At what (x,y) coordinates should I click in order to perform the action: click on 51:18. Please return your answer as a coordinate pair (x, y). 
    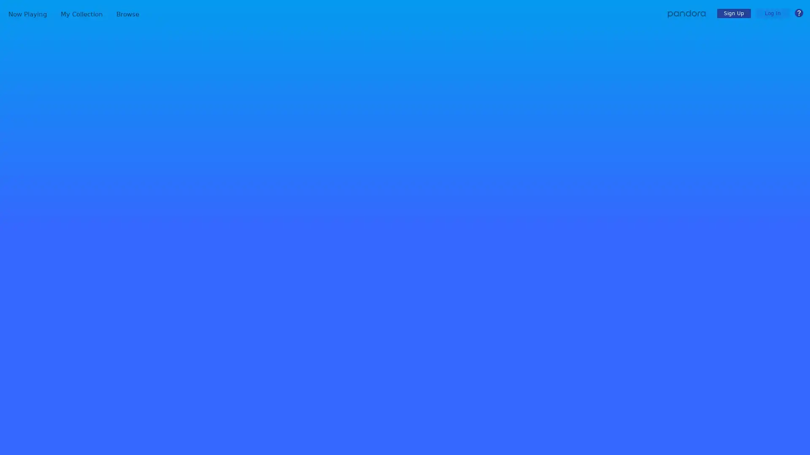
    Looking at the image, I should click on (699, 448).